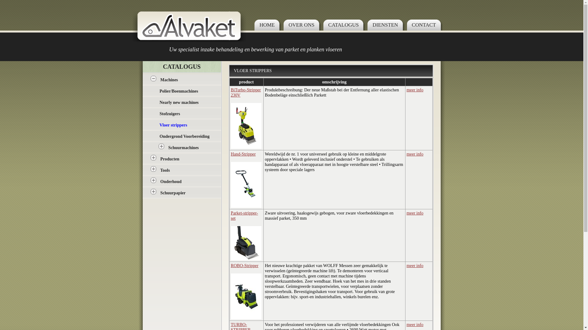 The height and width of the screenshot is (330, 588). What do you see at coordinates (243, 154) in the screenshot?
I see `'Hand-Stripper'` at bounding box center [243, 154].